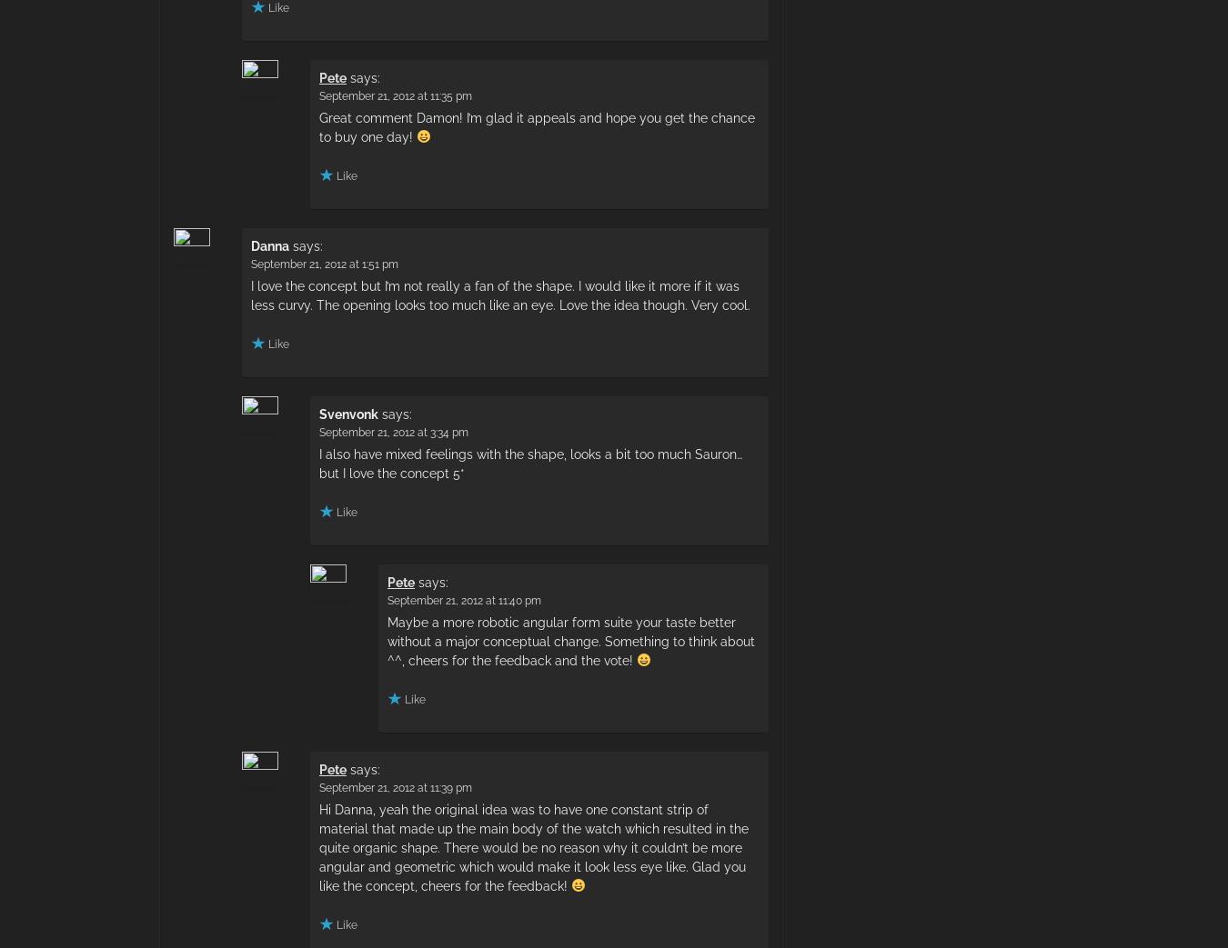 This screenshot has height=948, width=1228. I want to click on 'Great comment Damon! I’m glad it appeals and hope you get the chance to buy one day!', so click(537, 126).